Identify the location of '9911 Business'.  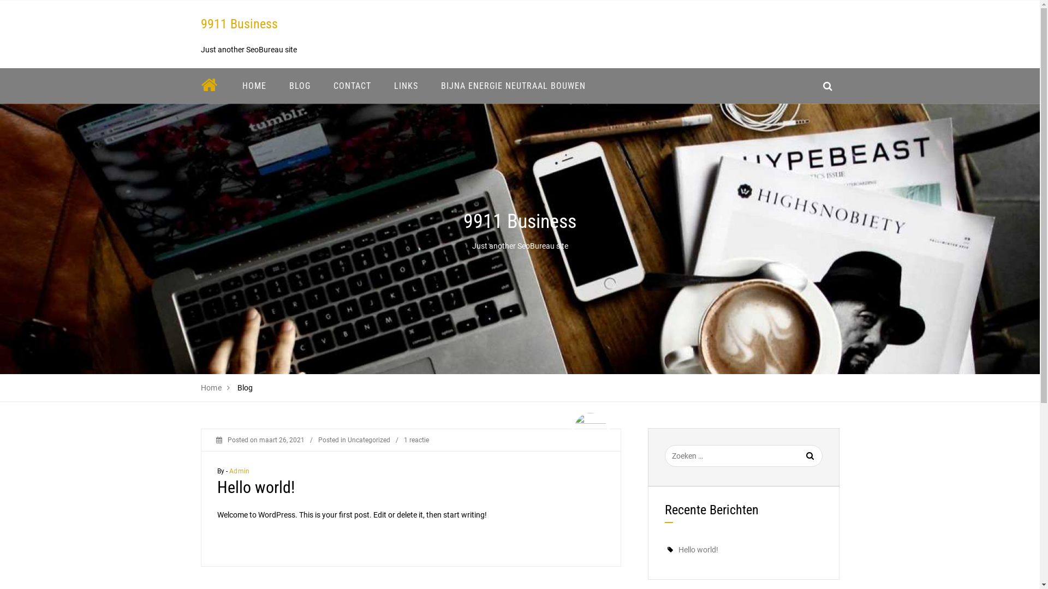
(201, 23).